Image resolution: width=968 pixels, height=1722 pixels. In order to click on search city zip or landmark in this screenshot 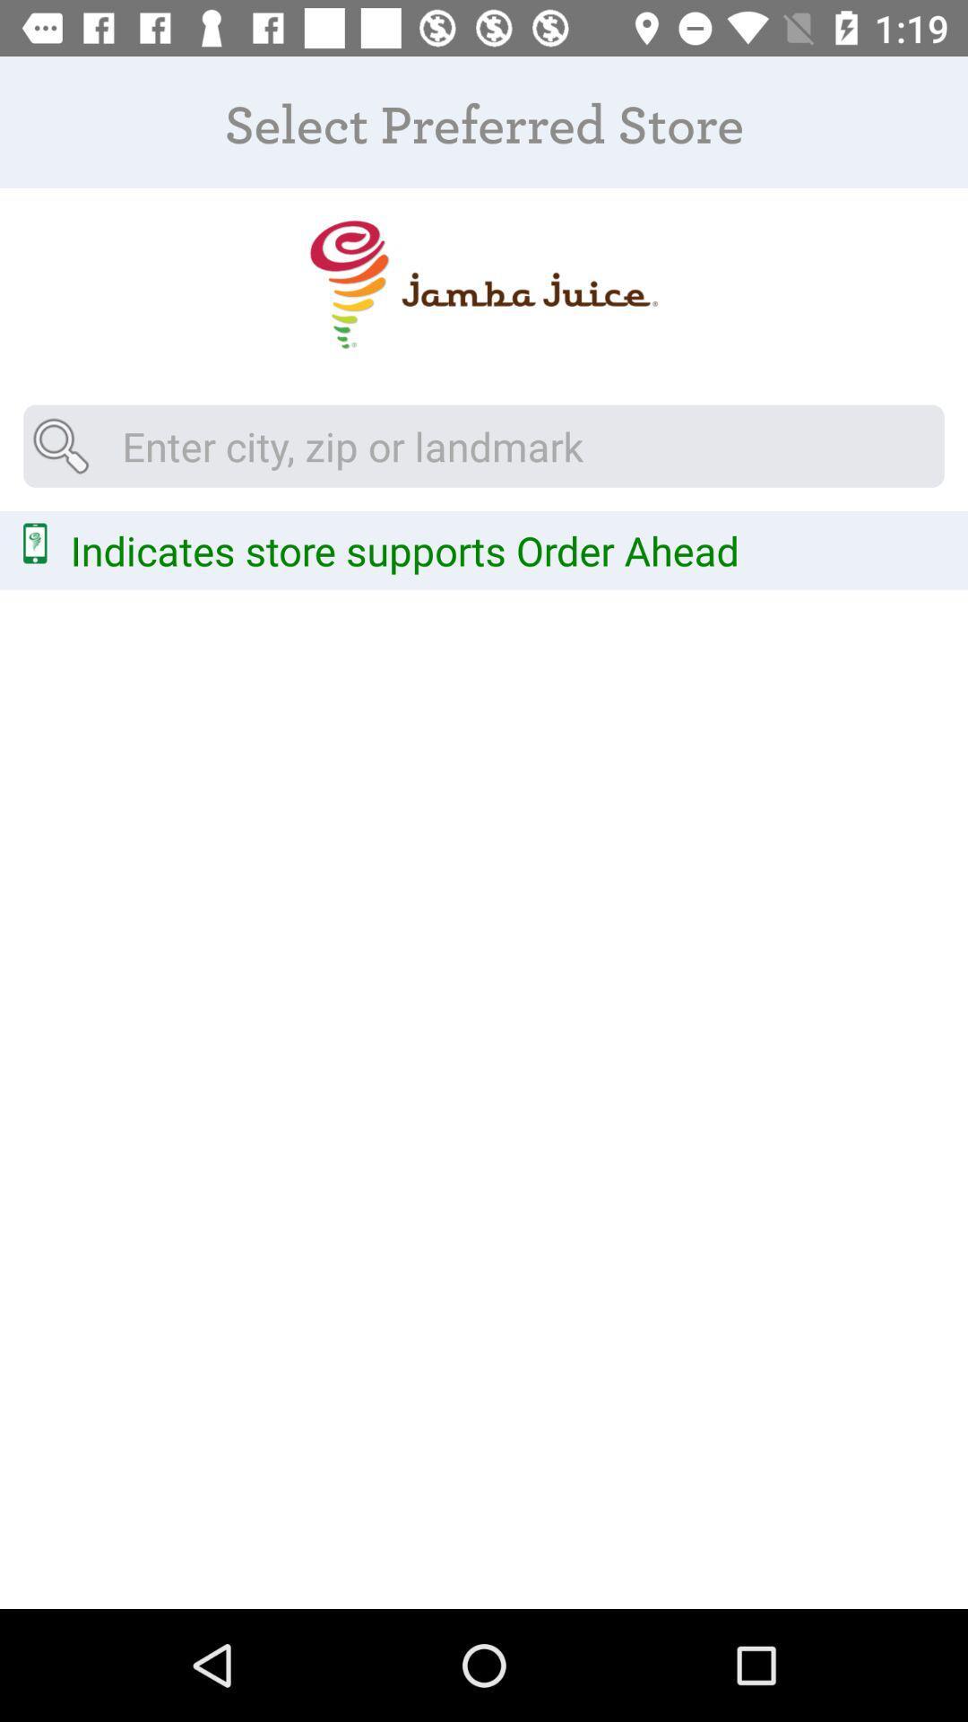, I will do `click(484, 446)`.